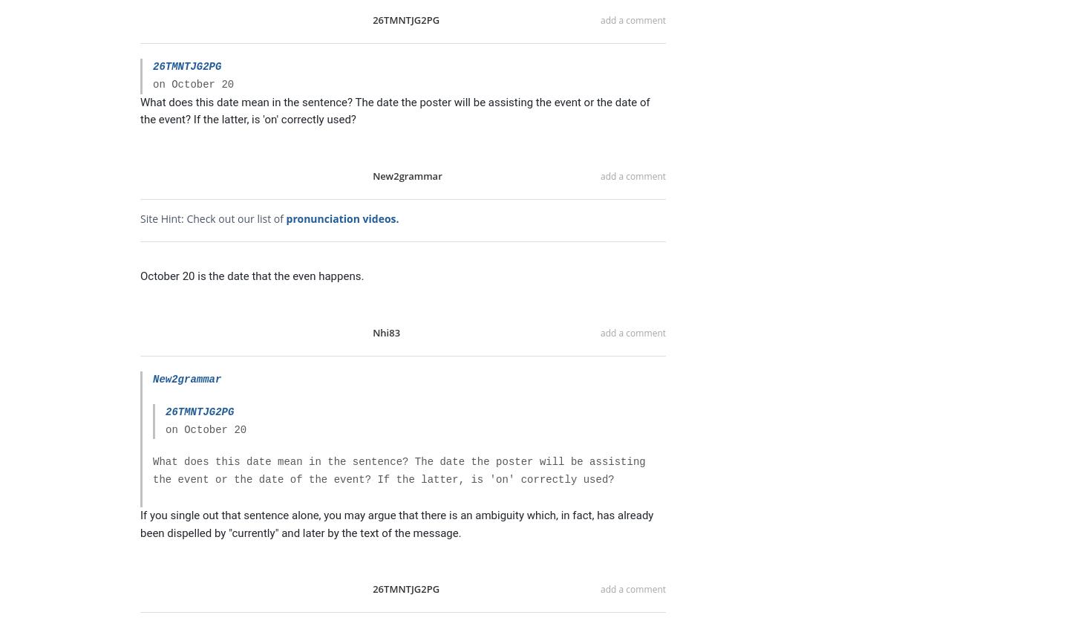  What do you see at coordinates (212, 218) in the screenshot?
I see `'Site Hint: Check out our list of'` at bounding box center [212, 218].